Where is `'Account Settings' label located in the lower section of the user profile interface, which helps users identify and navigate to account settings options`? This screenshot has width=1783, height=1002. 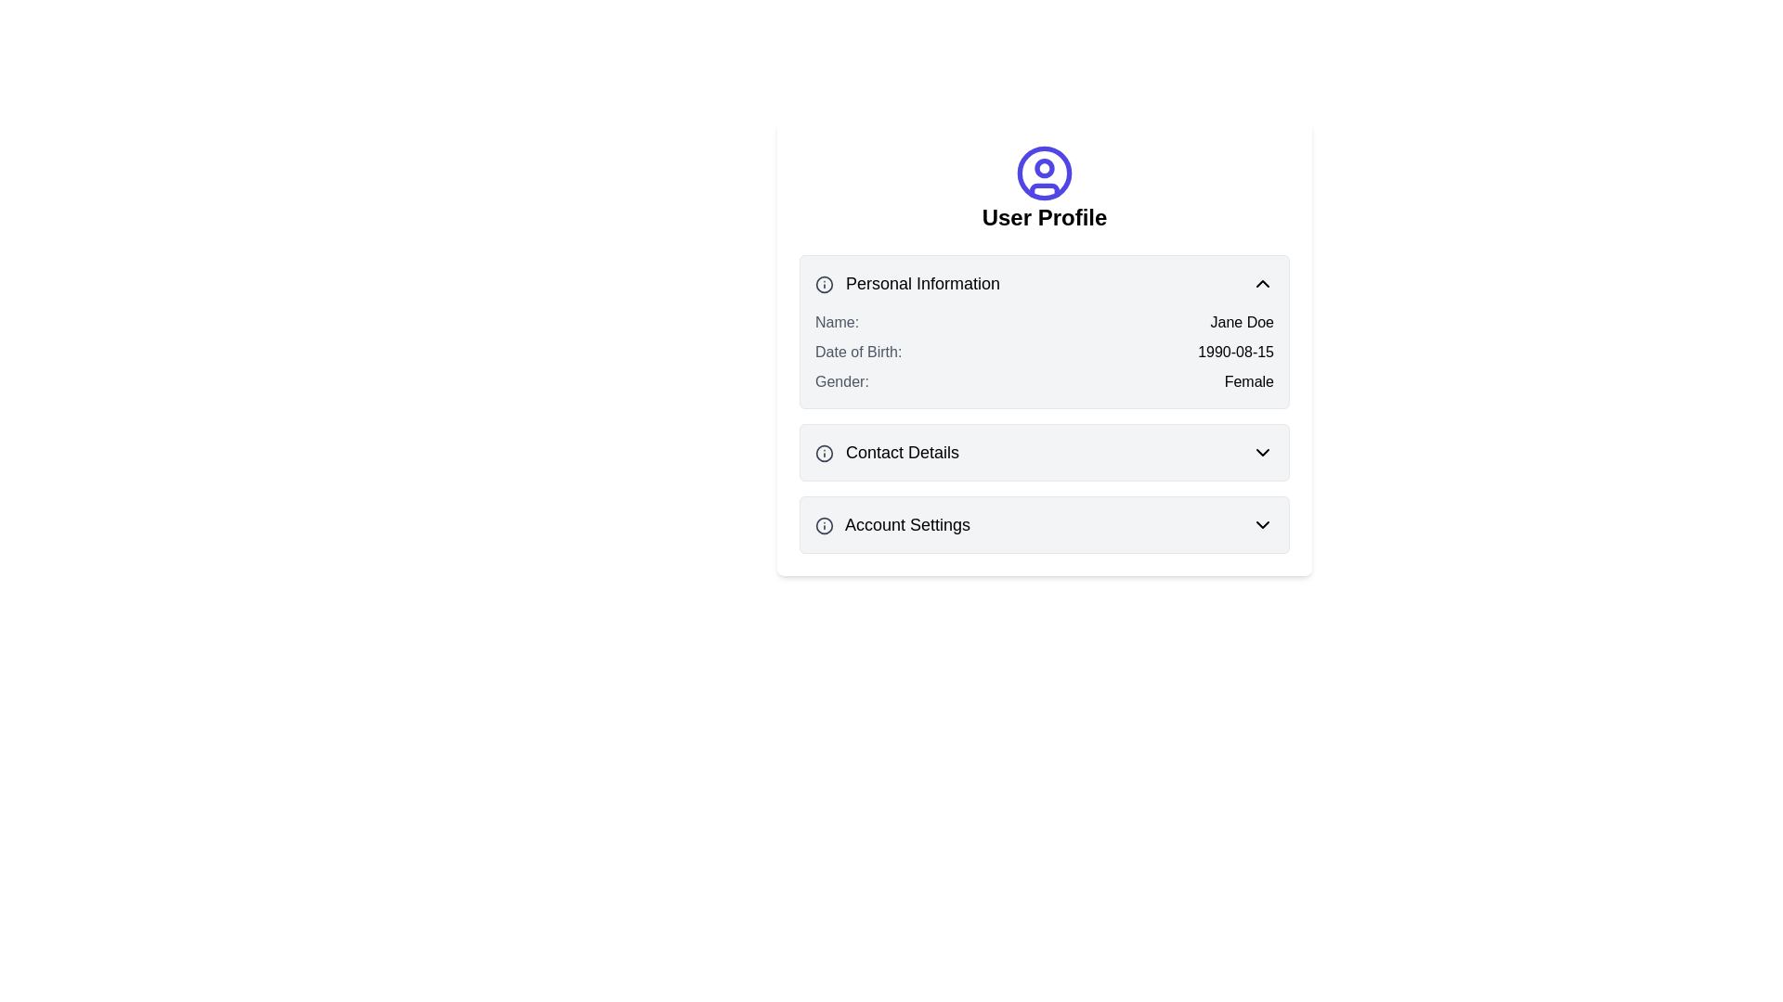 'Account Settings' label located in the lower section of the user profile interface, which helps users identify and navigate to account settings options is located at coordinates (892, 525).